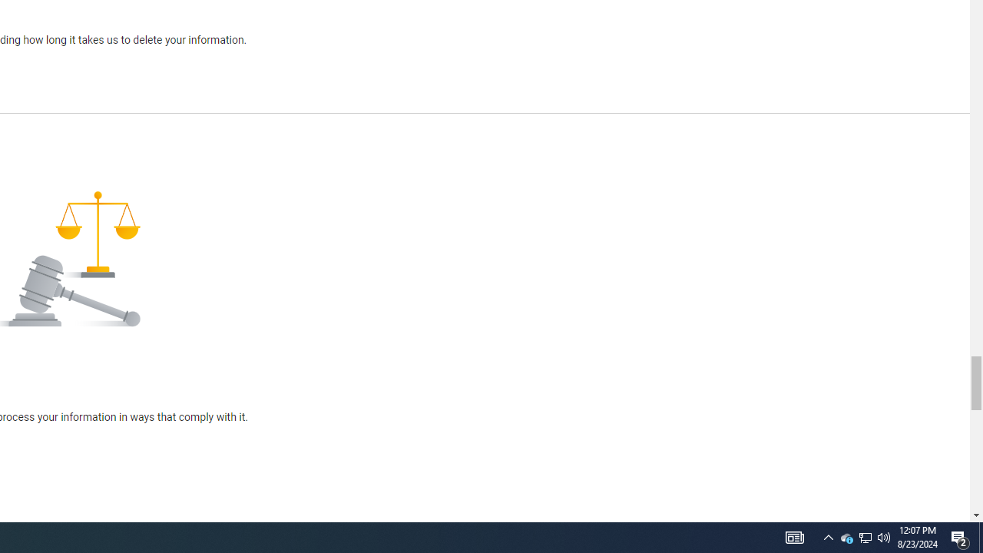  What do you see at coordinates (980, 536) in the screenshot?
I see `'Show desktop'` at bounding box center [980, 536].